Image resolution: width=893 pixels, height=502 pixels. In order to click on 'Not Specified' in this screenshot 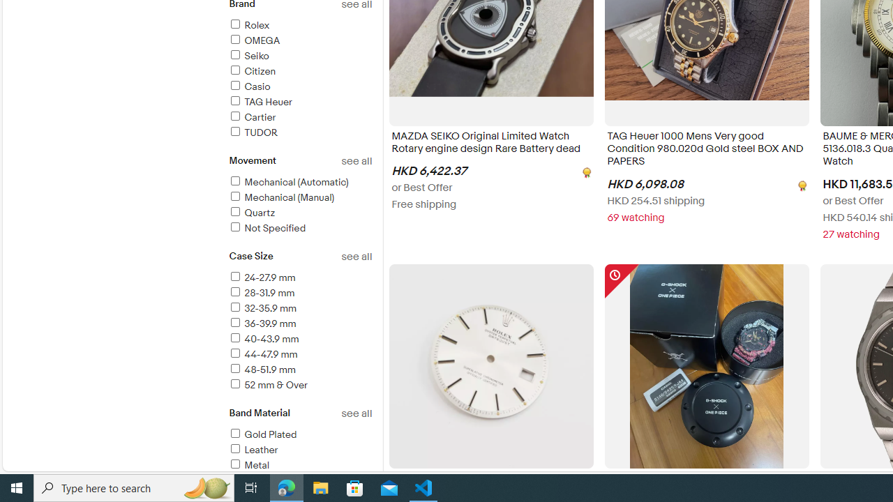, I will do `click(267, 227)`.